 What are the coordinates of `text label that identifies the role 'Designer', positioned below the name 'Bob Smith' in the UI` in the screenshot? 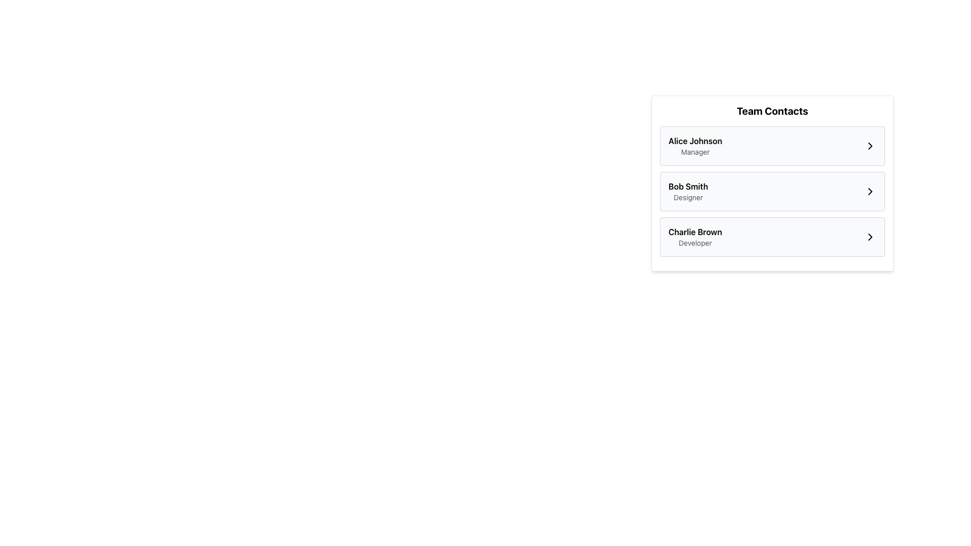 It's located at (688, 197).